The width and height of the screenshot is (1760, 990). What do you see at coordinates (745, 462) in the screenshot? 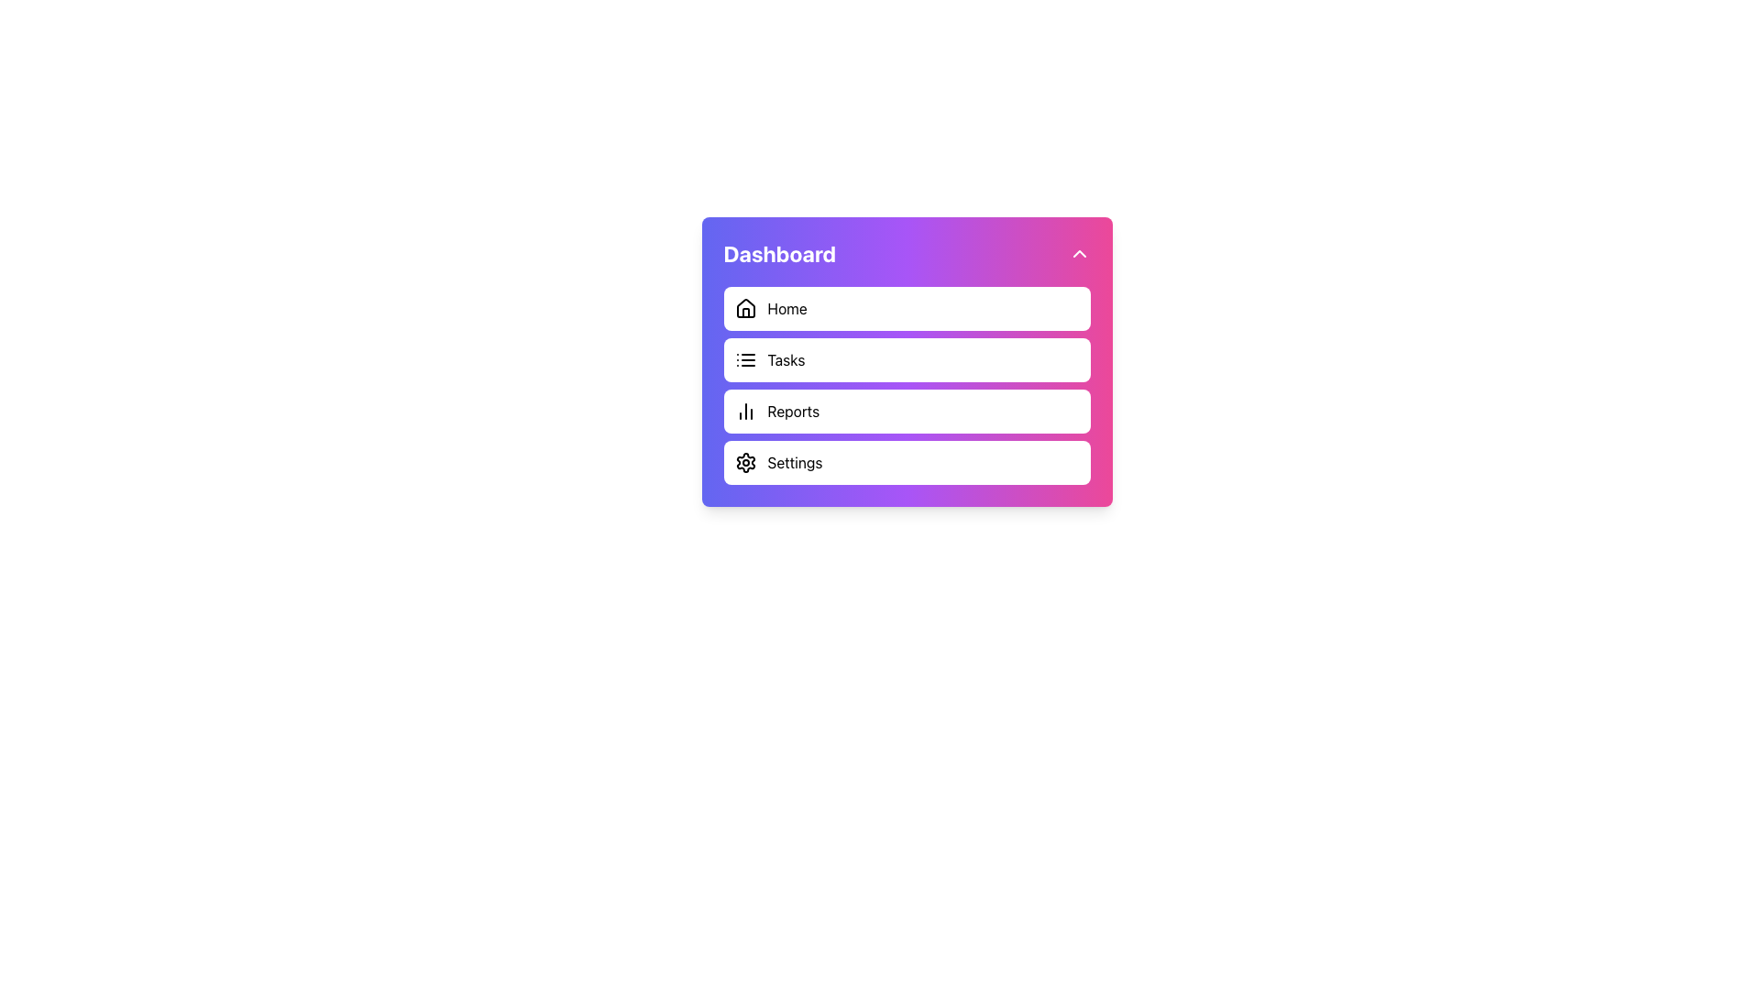
I see `the settings icon represented by the cogwheel shape within the dashboard menu` at bounding box center [745, 462].